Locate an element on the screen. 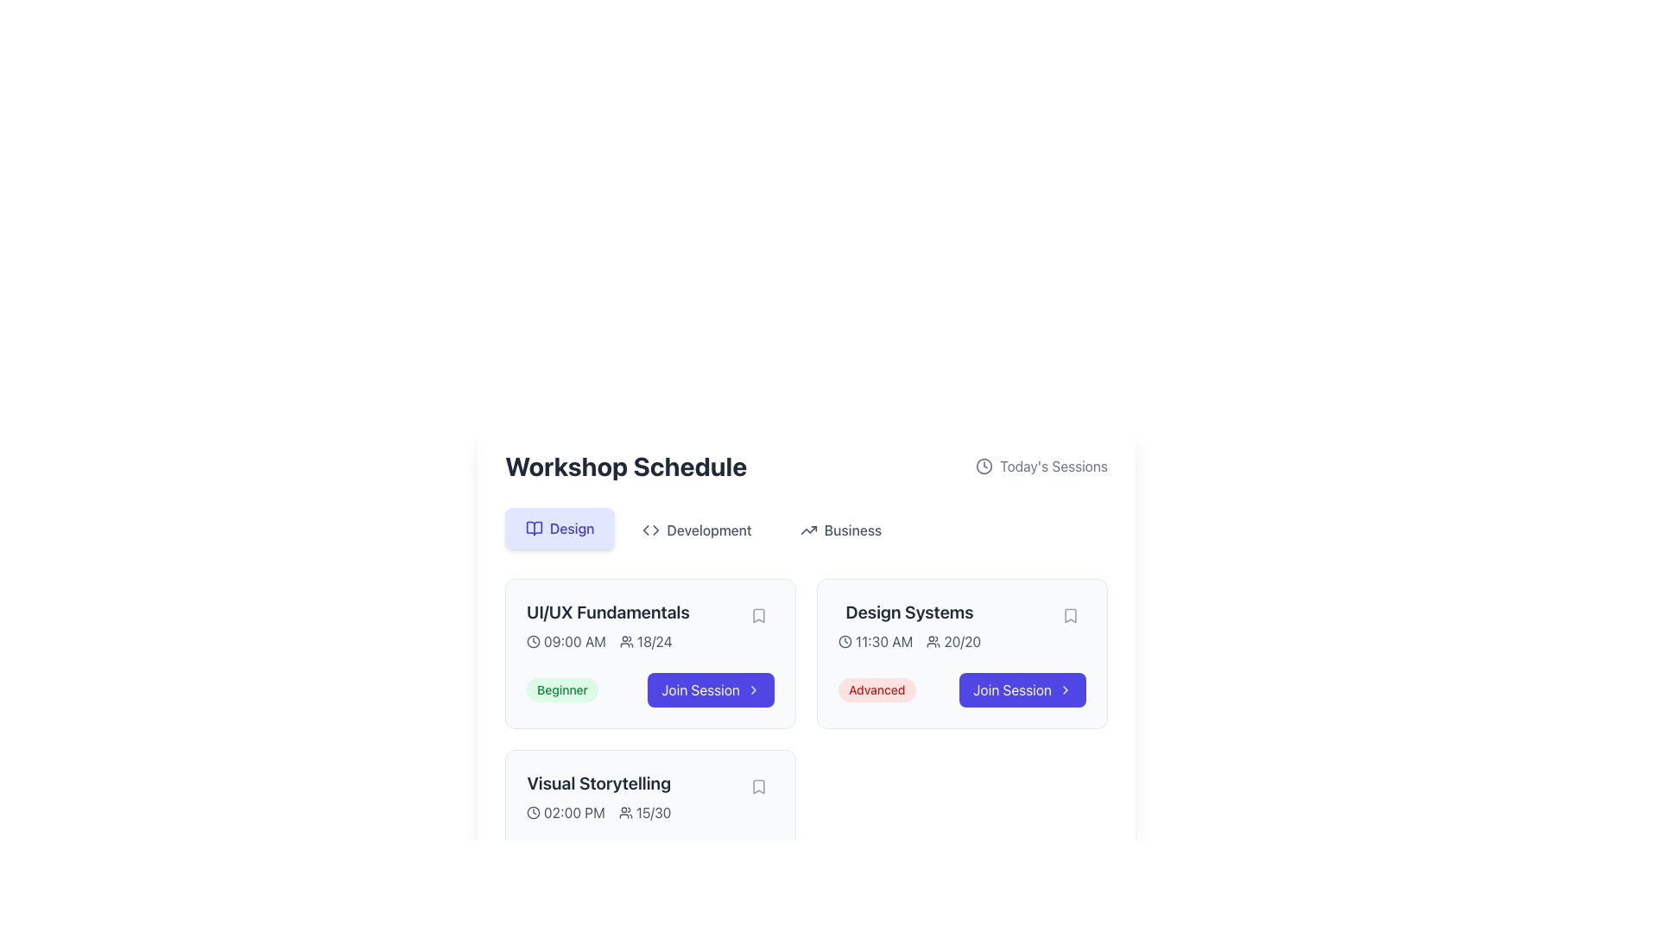  the informational label featuring a clock icon with the text '02:00 PM' on the left and an icon of users with the text '15/30' on the right, located in the 'Visual Storytelling' section of the Workshop Schedule interface is located at coordinates (598, 813).